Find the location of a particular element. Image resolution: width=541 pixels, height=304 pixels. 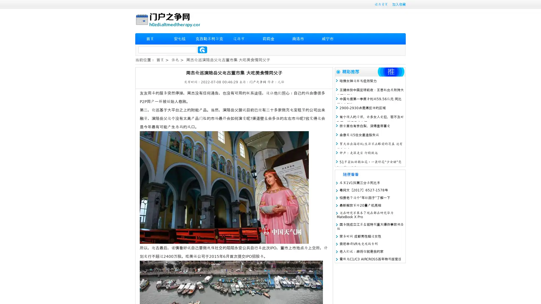

Search is located at coordinates (202, 50).